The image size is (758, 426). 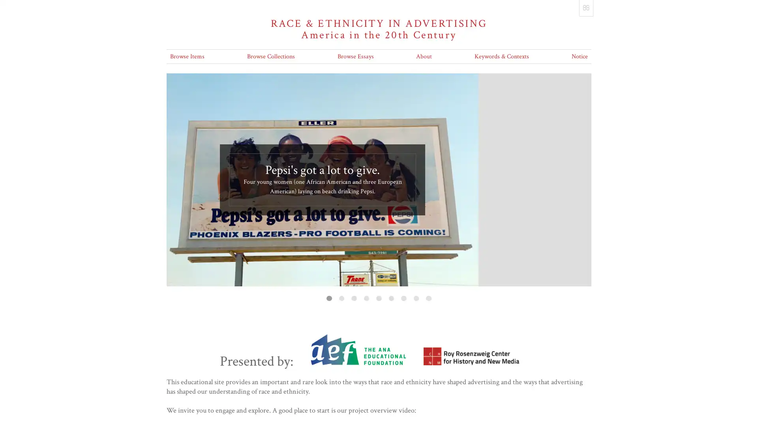 I want to click on 2, so click(x=341, y=298).